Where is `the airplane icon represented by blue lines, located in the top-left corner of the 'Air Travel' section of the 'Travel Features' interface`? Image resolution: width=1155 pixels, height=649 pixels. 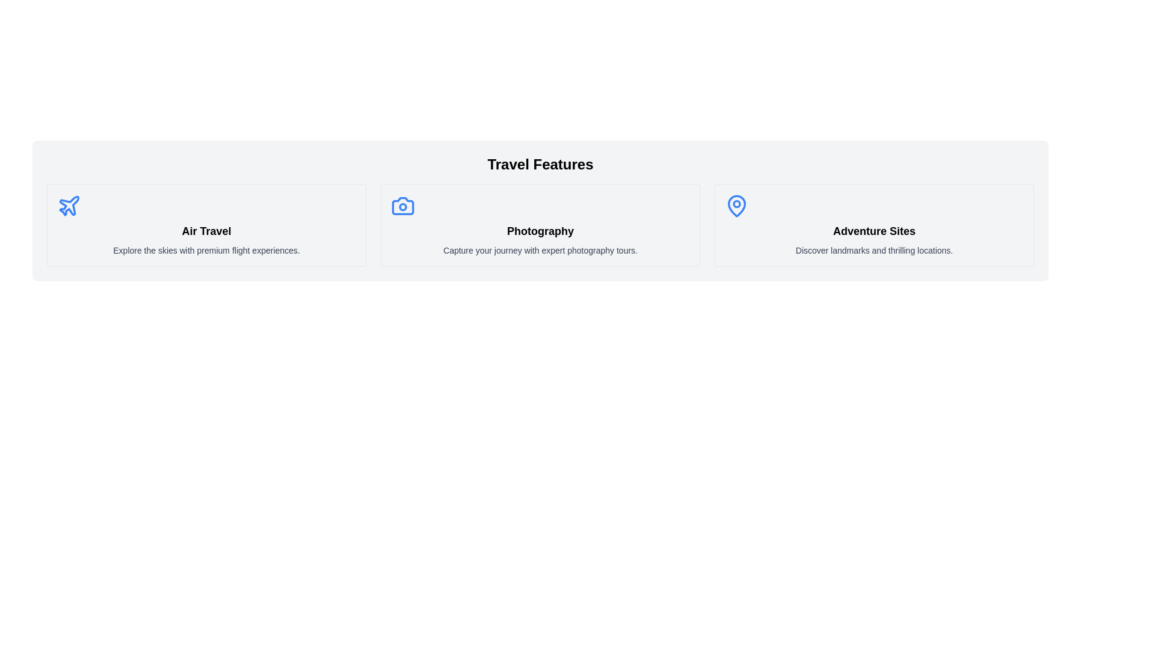
the airplane icon represented by blue lines, located in the top-left corner of the 'Air Travel' section of the 'Travel Features' interface is located at coordinates (69, 205).